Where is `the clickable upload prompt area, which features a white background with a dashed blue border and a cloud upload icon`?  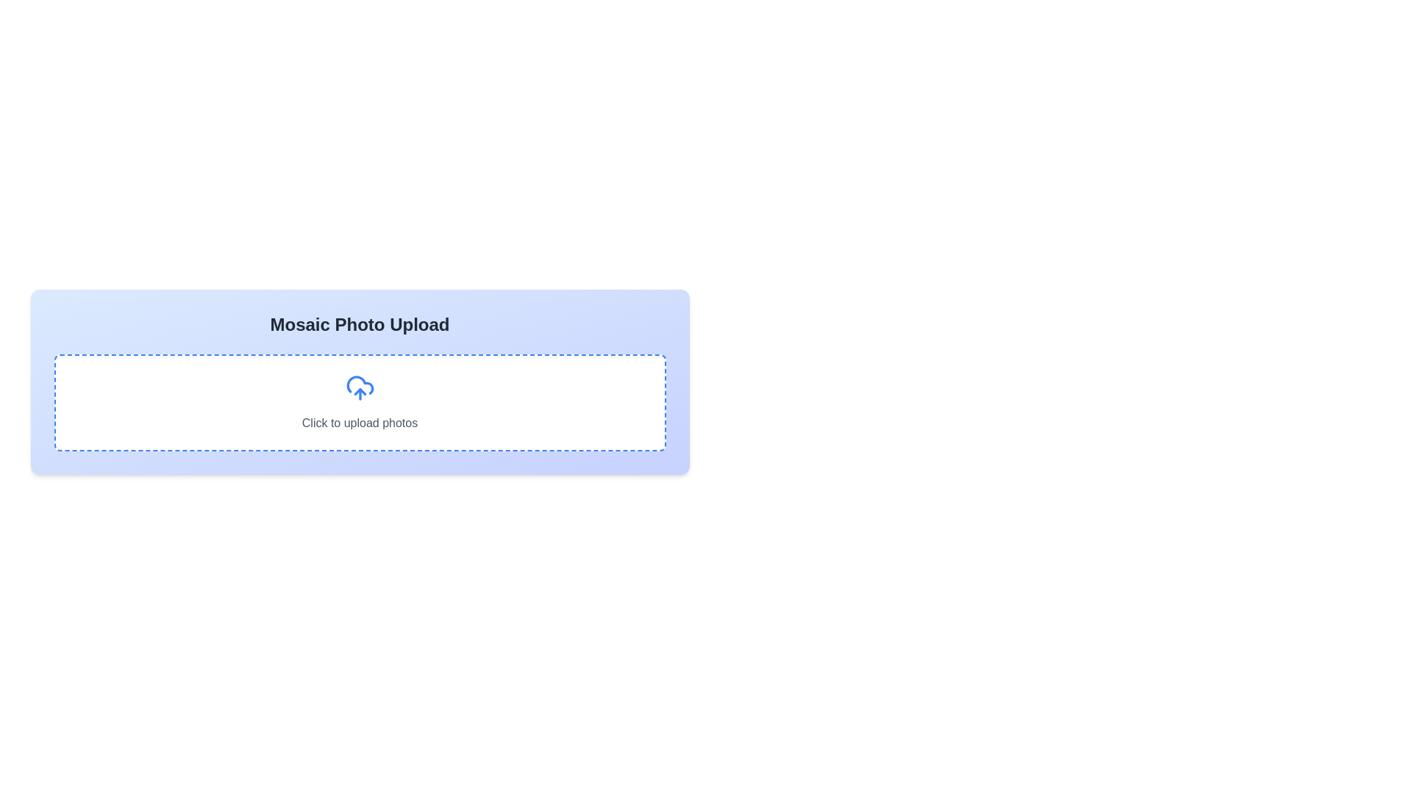
the clickable upload prompt area, which features a white background with a dashed blue border and a cloud upload icon is located at coordinates (360, 394).